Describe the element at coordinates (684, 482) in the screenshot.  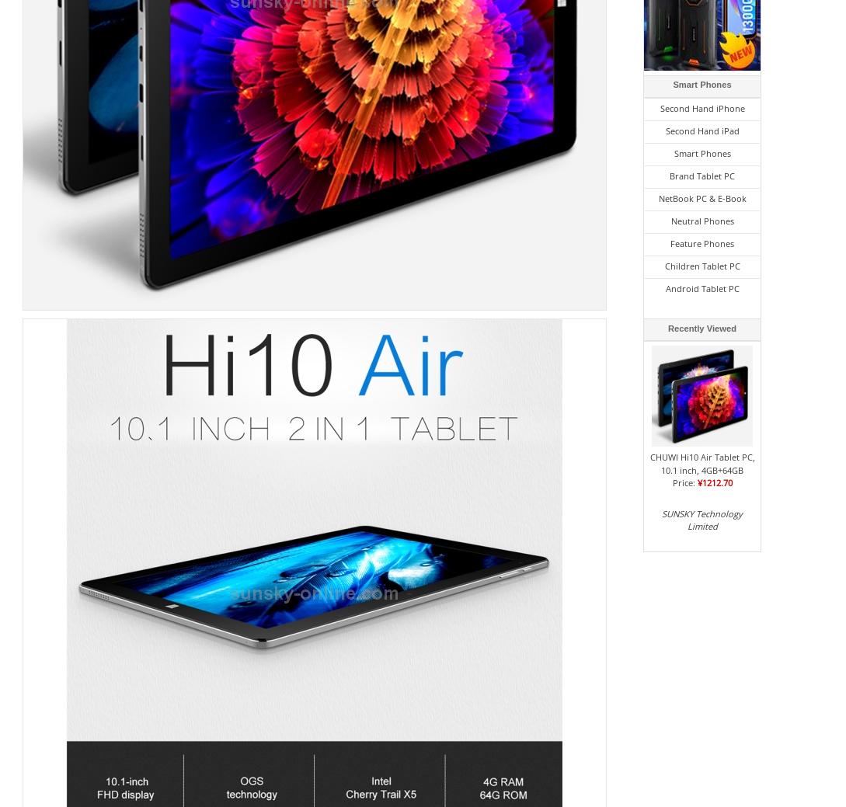
I see `'Price:'` at that location.